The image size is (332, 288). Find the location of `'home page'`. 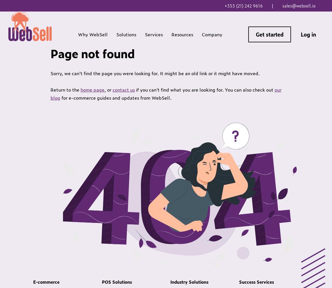

'home page' is located at coordinates (92, 90).